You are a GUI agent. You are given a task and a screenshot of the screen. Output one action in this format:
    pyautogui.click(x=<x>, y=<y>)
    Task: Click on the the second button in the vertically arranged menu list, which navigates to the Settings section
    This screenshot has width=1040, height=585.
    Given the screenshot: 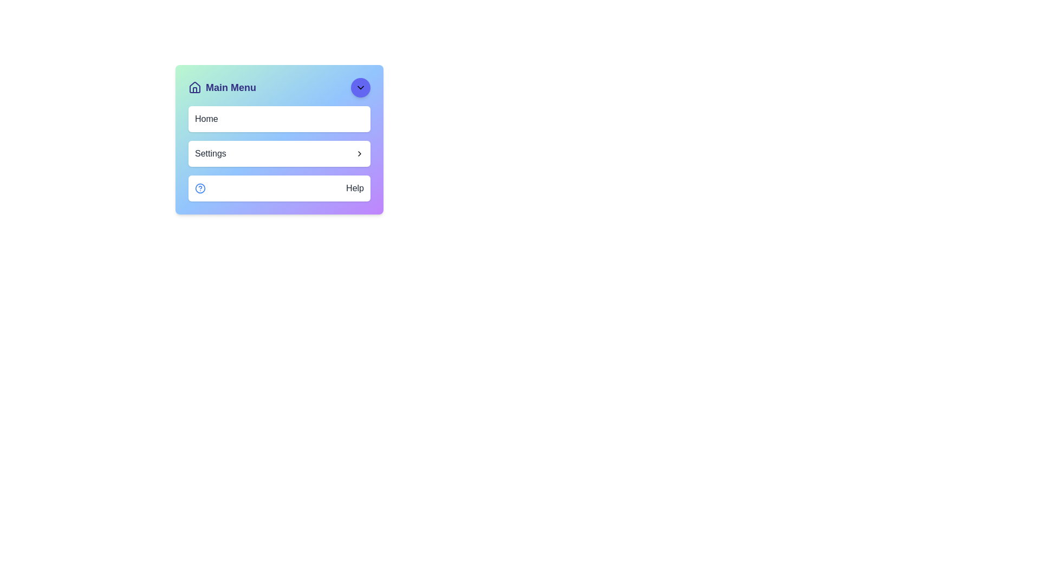 What is the action you would take?
    pyautogui.click(x=279, y=154)
    